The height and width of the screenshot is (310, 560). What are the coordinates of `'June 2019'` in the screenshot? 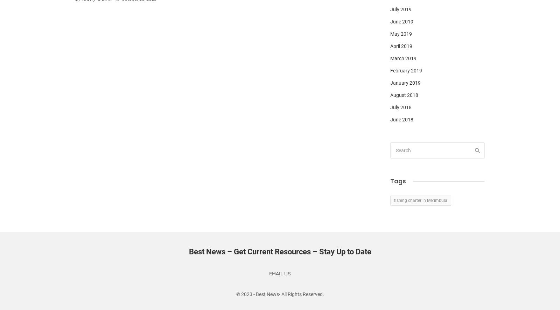 It's located at (402, 21).